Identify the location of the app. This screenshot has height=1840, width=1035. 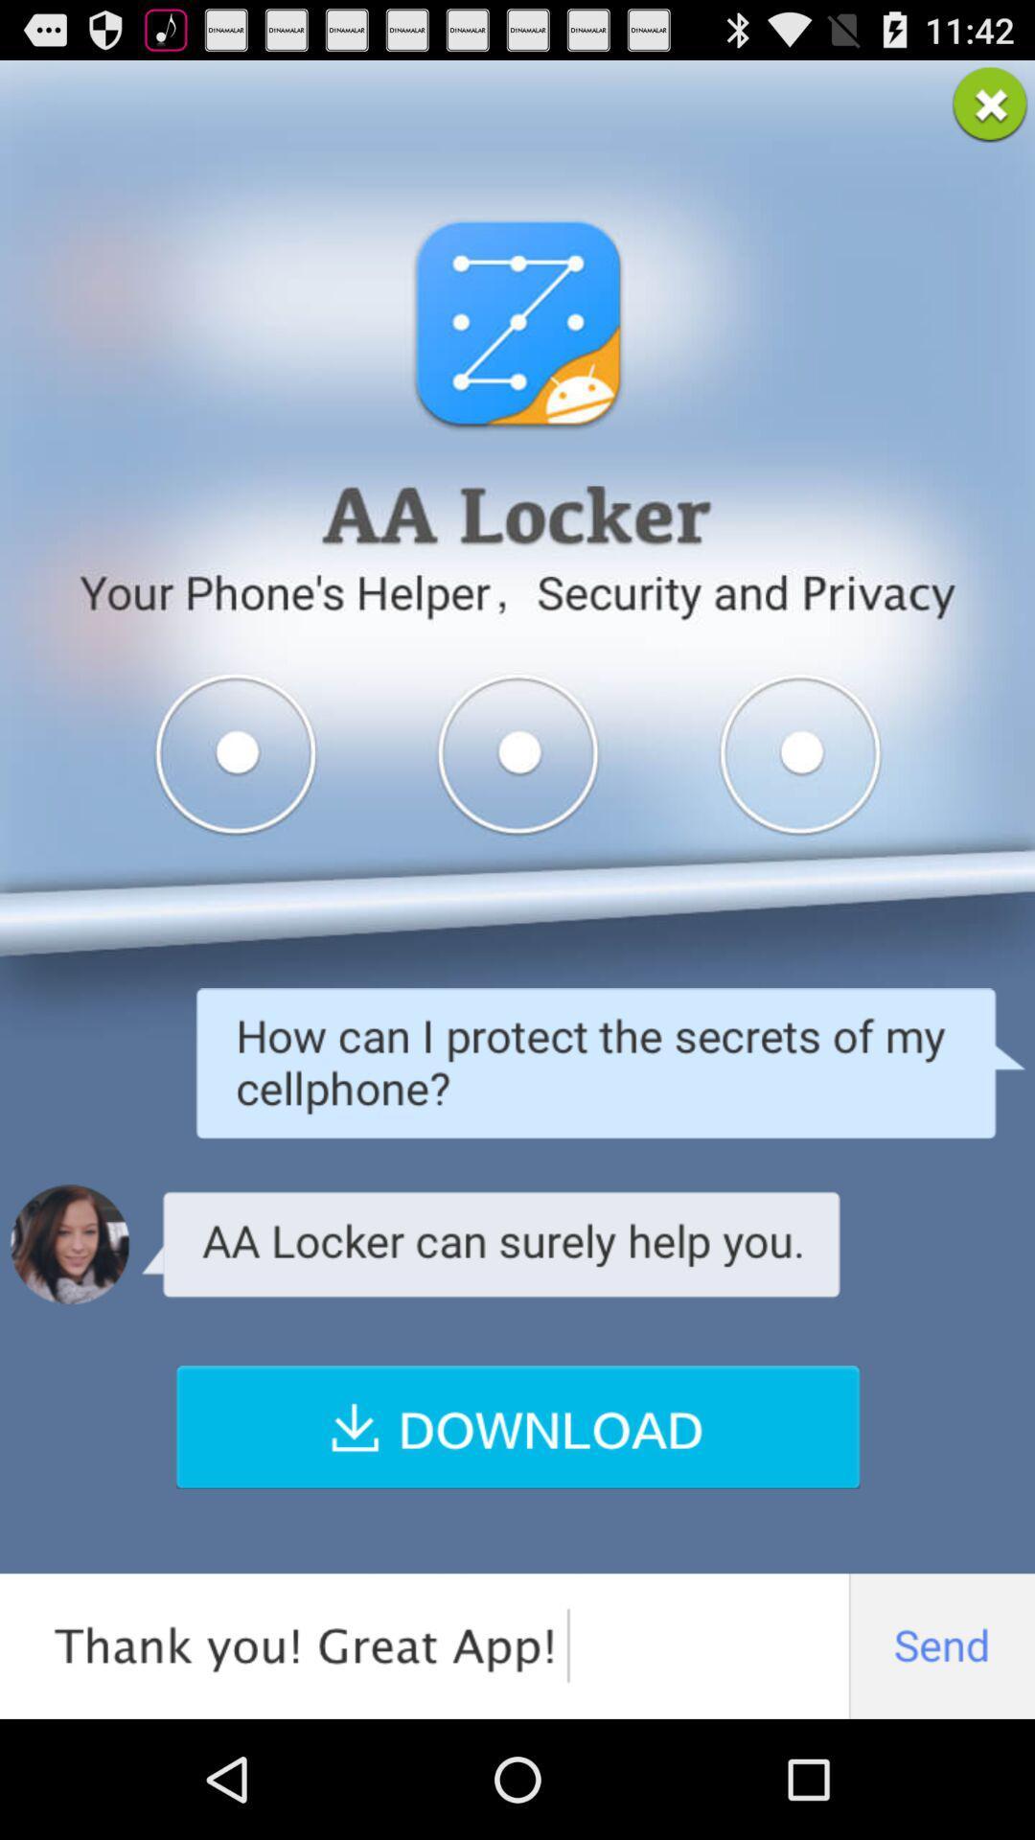
(990, 103).